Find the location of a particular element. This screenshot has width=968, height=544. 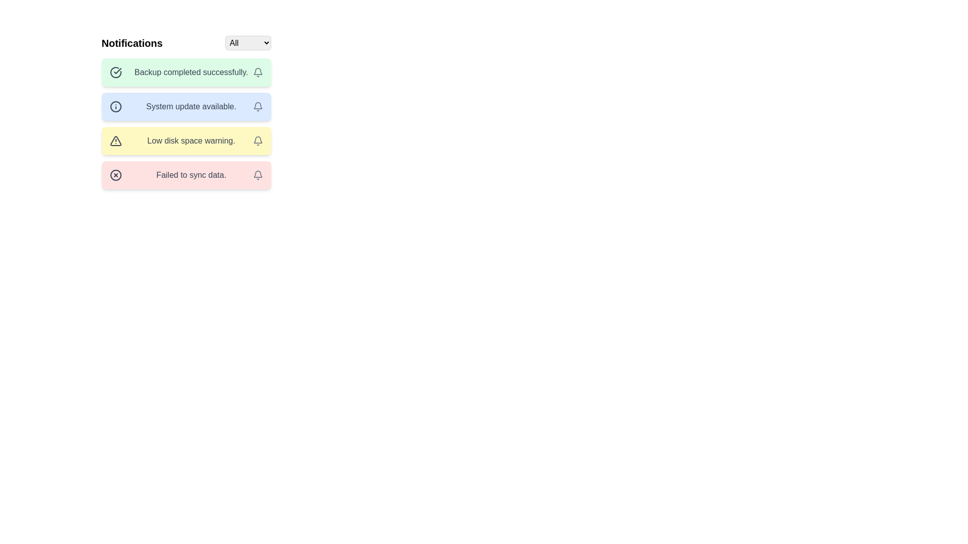

the triangular alert icon located to the left of the text 'Low disk space warning' in the third notification row is located at coordinates (115, 141).